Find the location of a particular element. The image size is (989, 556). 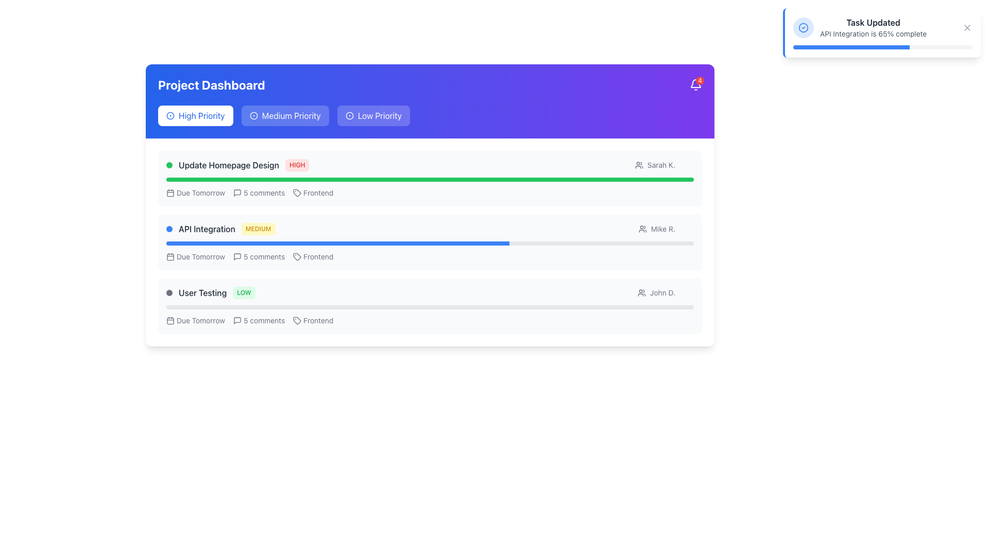

the blue indicator dot of the task titled 'API Integration' is located at coordinates (220, 228).